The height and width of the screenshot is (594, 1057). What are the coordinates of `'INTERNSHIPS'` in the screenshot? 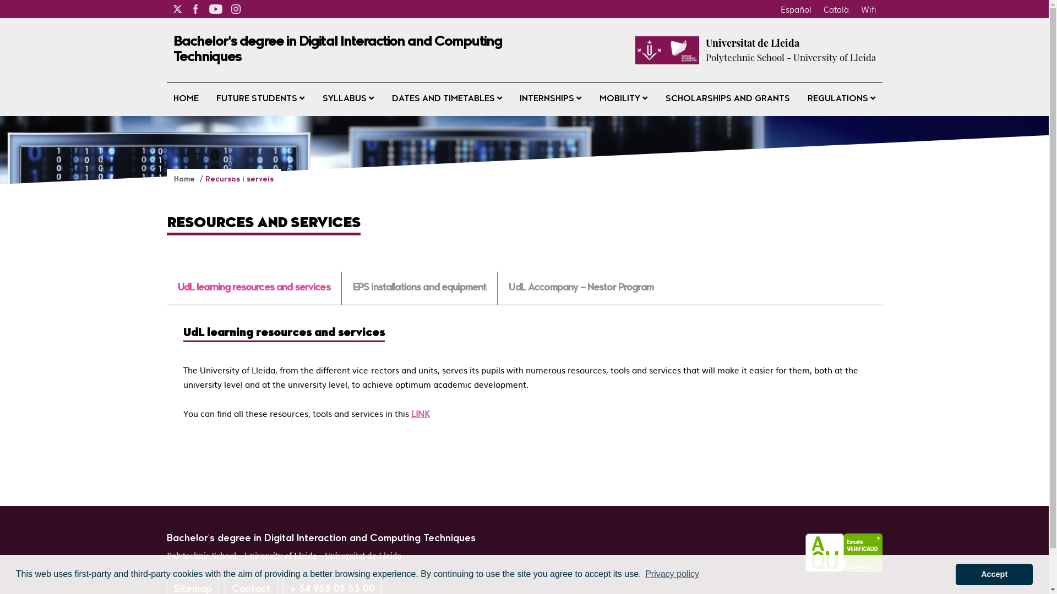 It's located at (512, 99).